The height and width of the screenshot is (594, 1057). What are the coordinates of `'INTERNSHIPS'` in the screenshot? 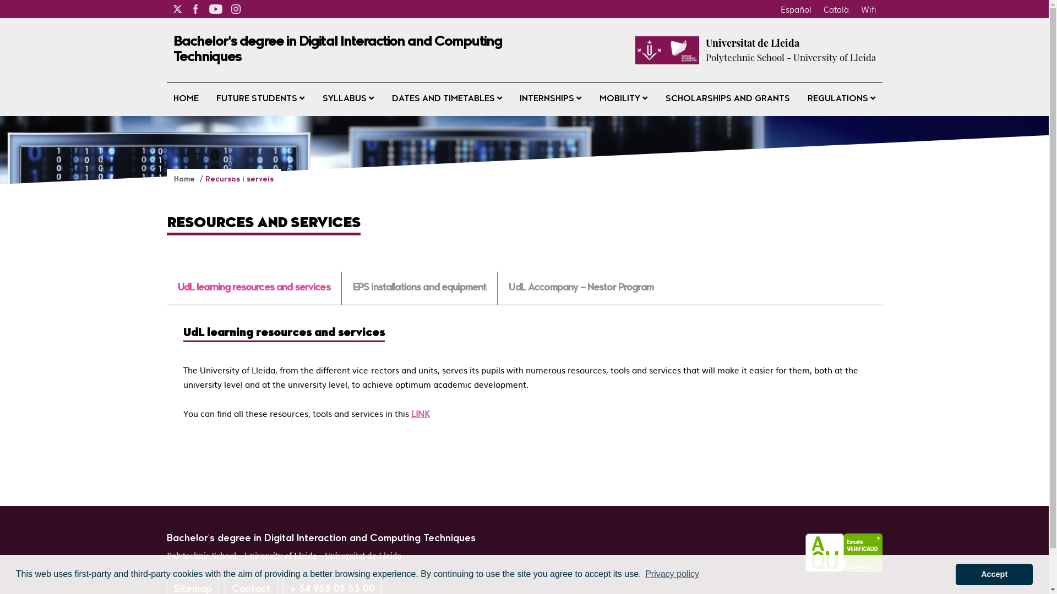 It's located at (512, 99).